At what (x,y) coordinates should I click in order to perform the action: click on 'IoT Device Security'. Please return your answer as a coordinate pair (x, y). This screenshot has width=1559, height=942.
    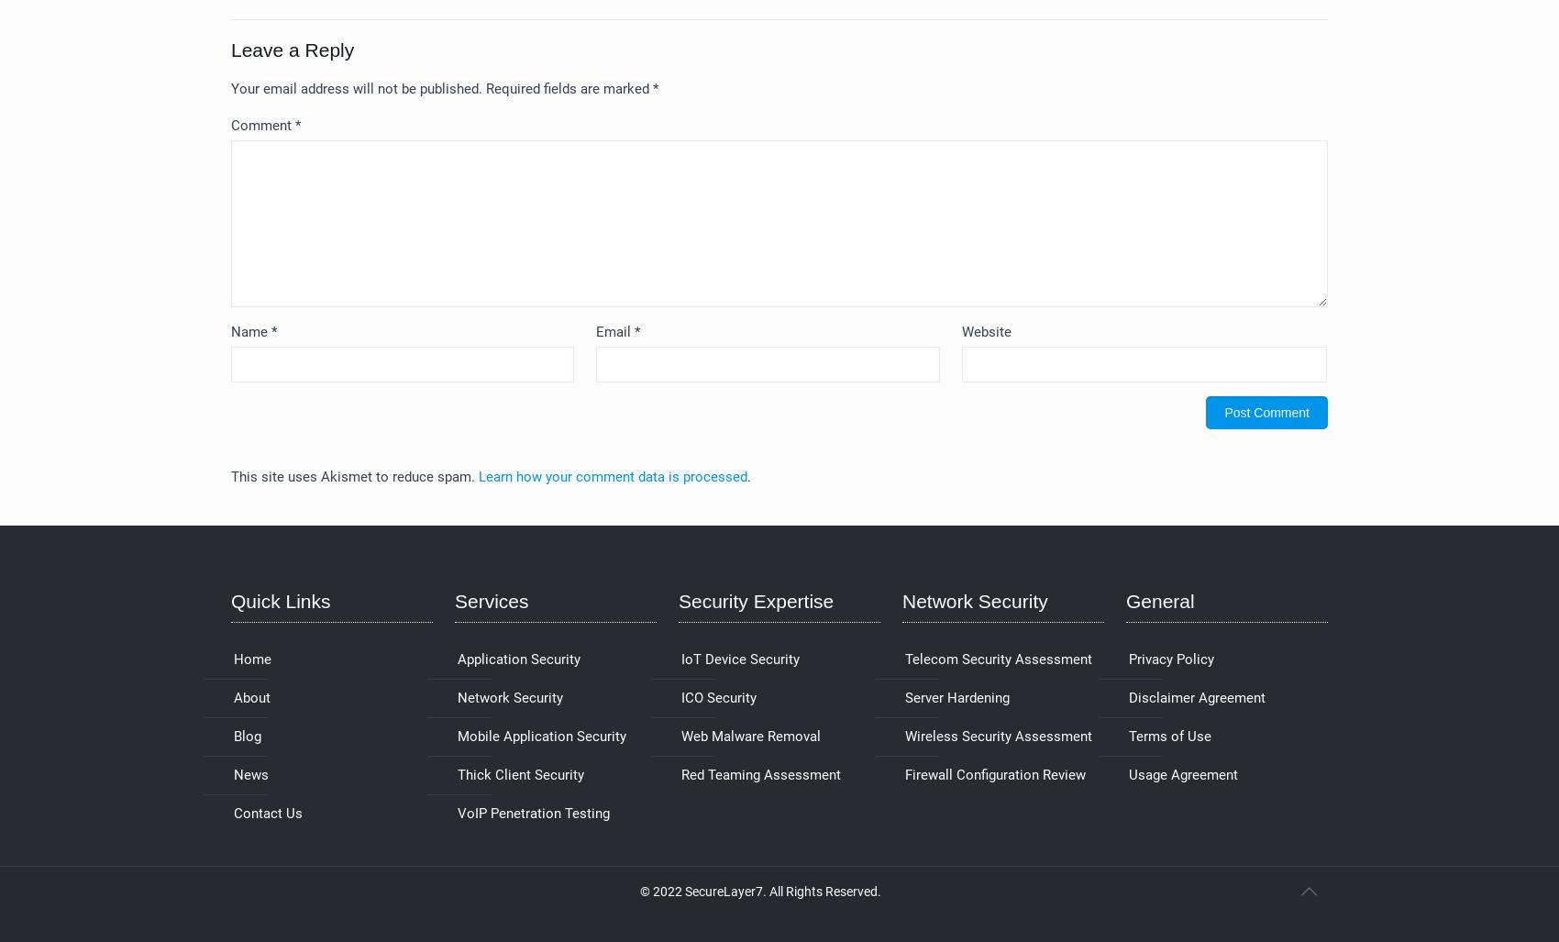
    Looking at the image, I should click on (739, 659).